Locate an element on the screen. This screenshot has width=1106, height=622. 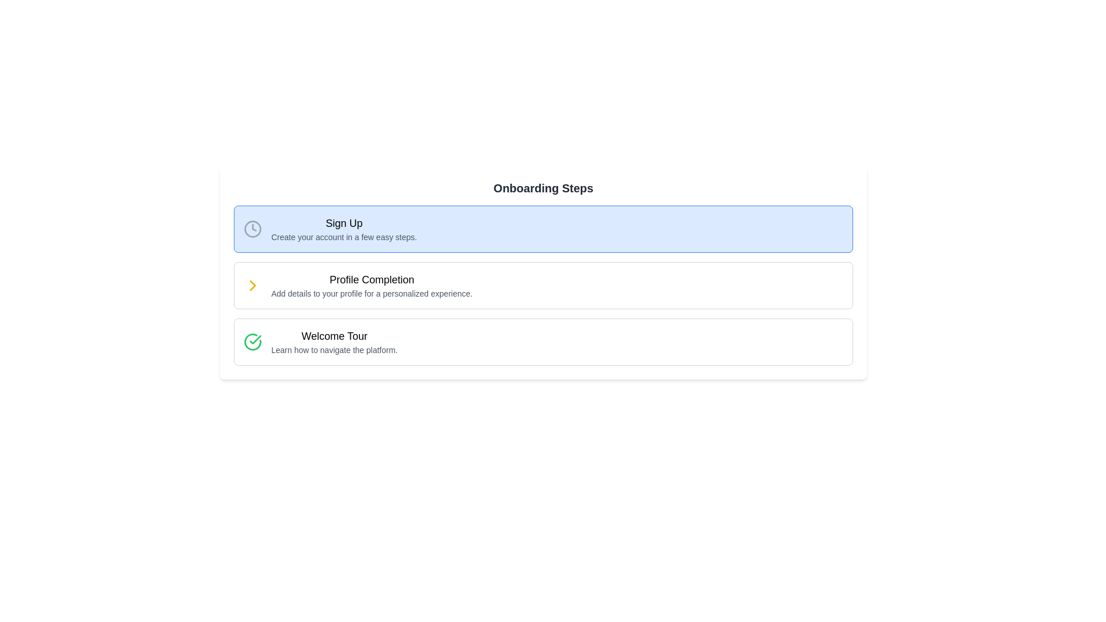
text label that says 'Learn how to navigate the platform.' located below the 'Welcome Tour' section is located at coordinates (334, 350).